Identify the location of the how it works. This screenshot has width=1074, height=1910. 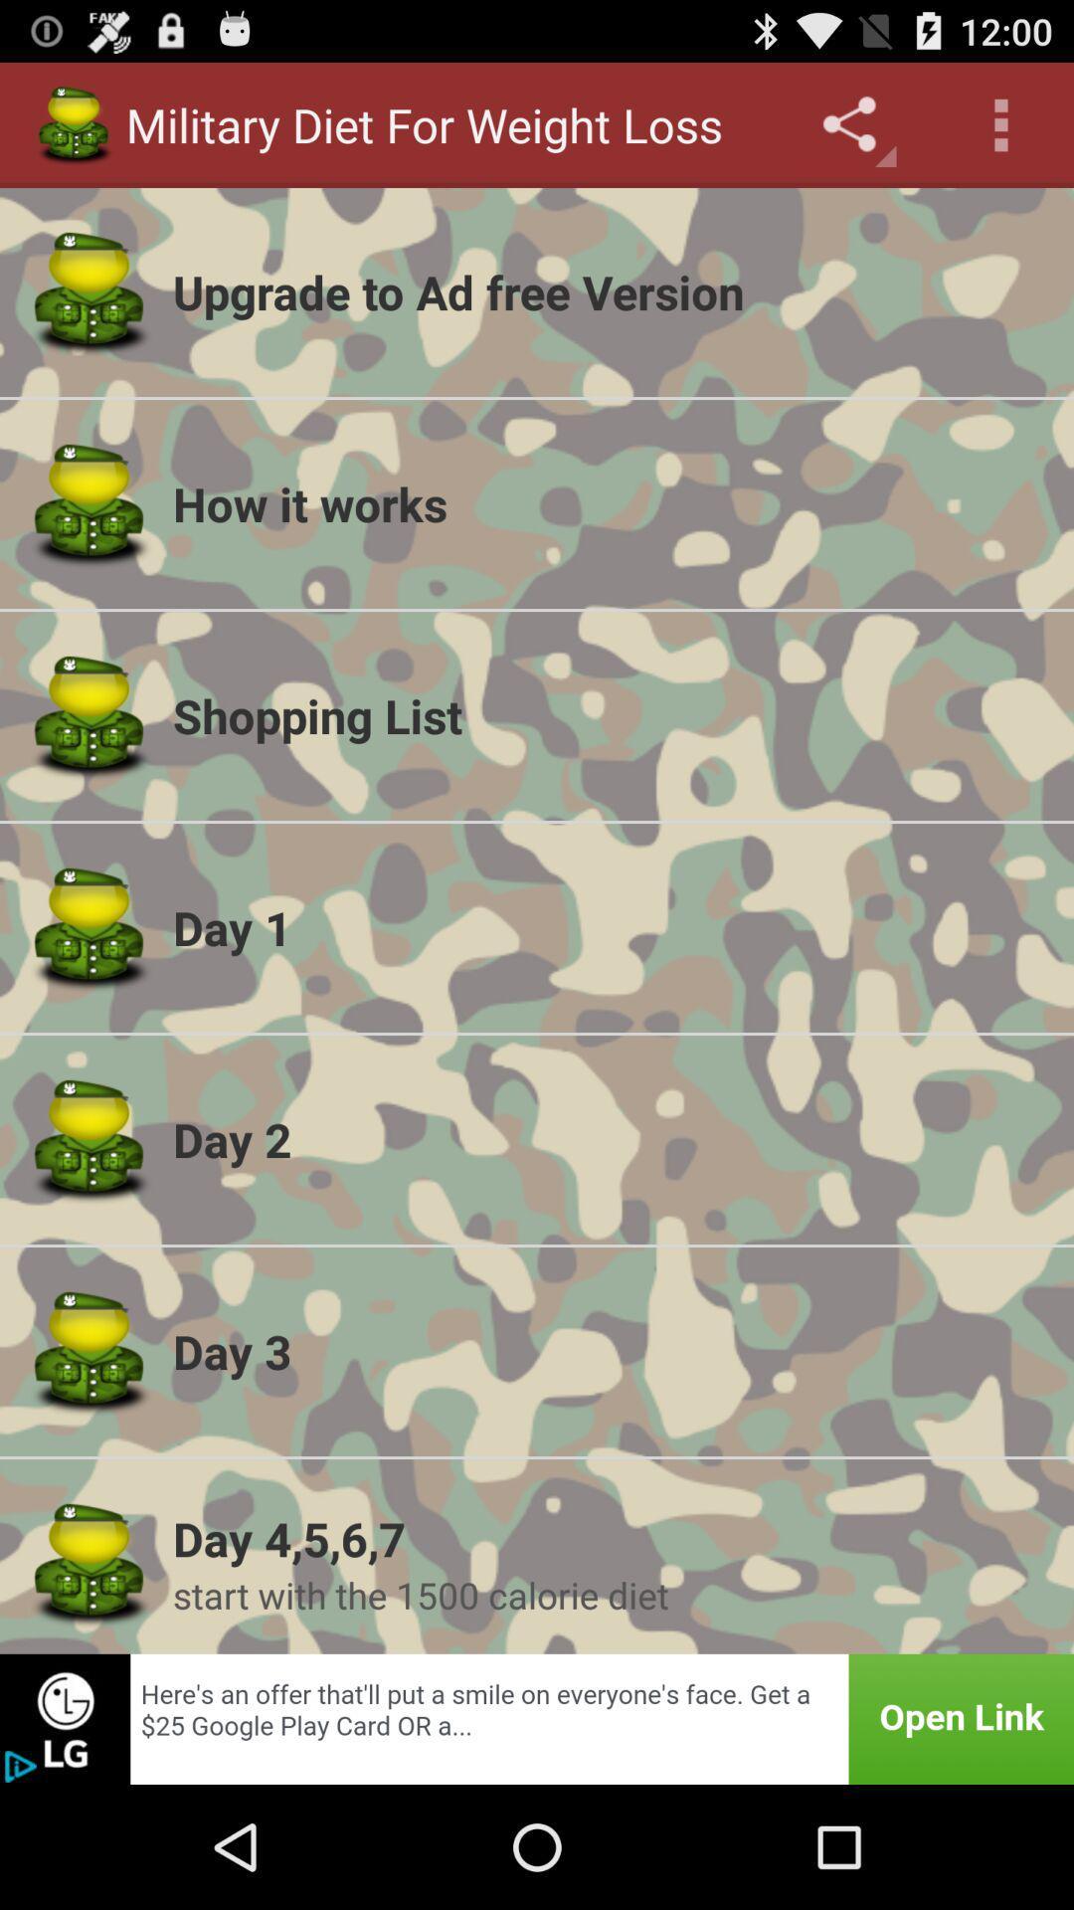
(610, 503).